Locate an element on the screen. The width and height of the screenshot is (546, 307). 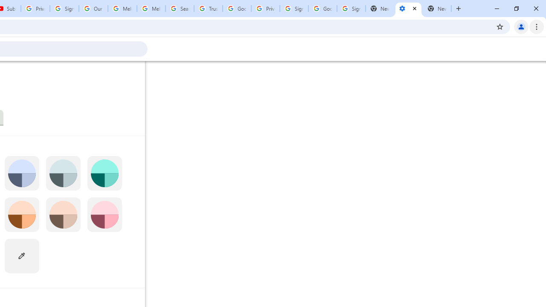
'Trusted Information and Content - Google Safety Center' is located at coordinates (208, 9).